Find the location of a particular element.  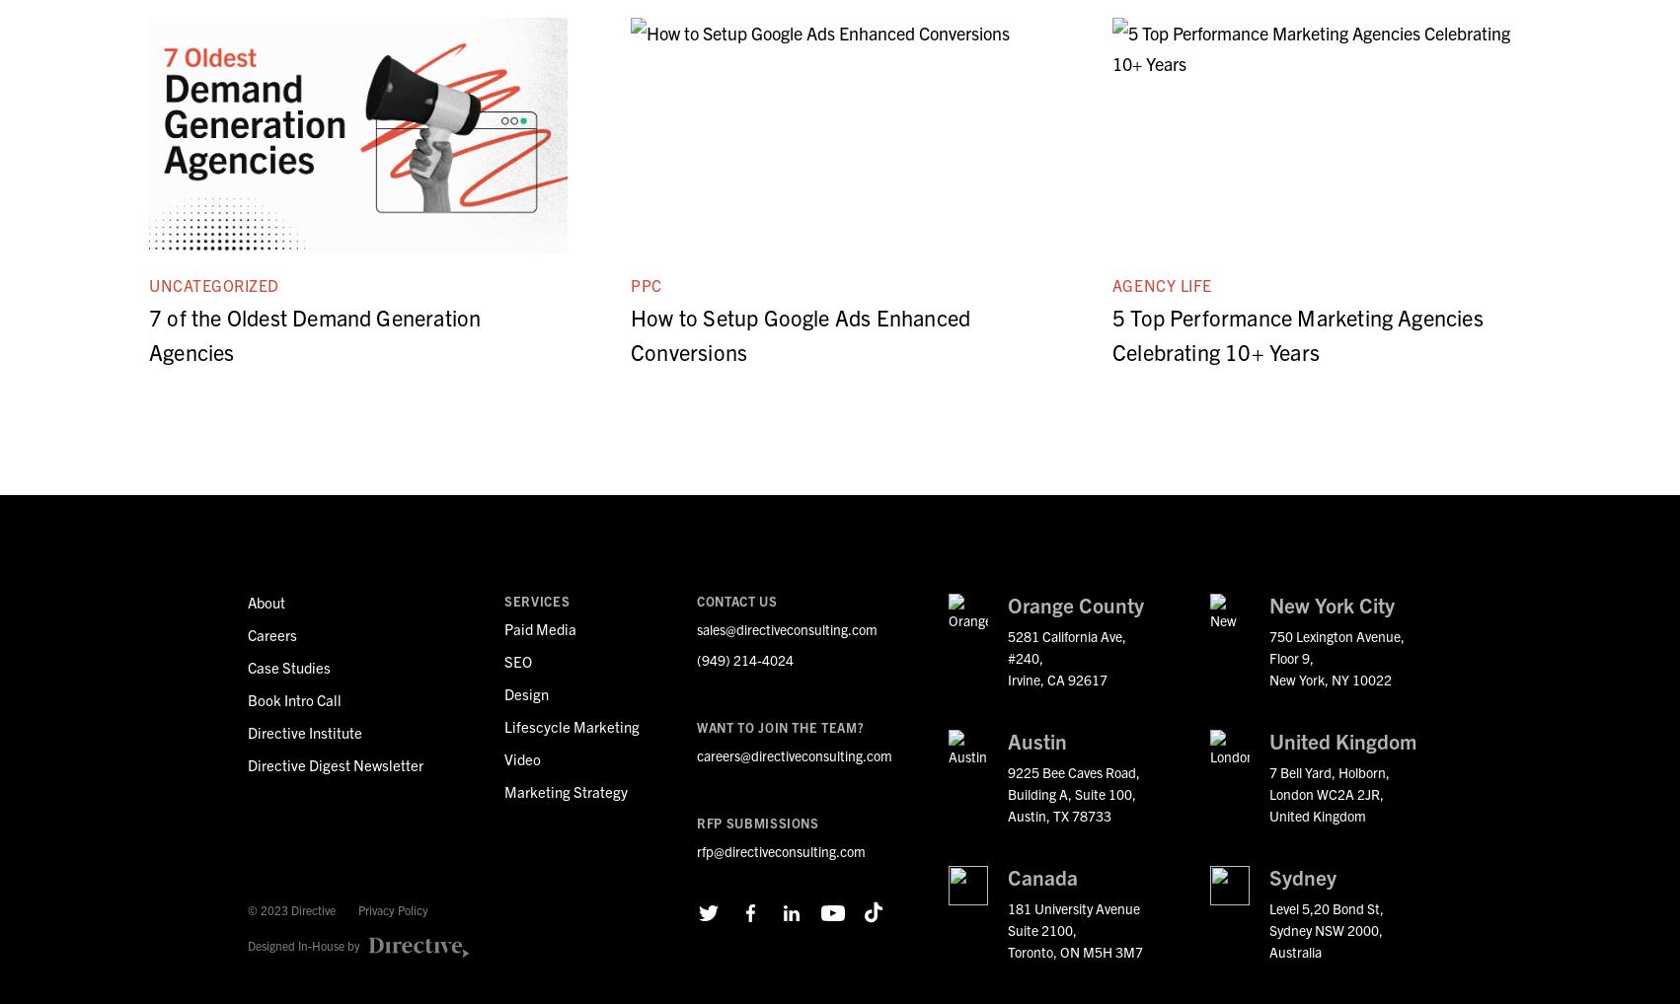

'7 Bell Yard, Holborn,' is located at coordinates (1328, 772).